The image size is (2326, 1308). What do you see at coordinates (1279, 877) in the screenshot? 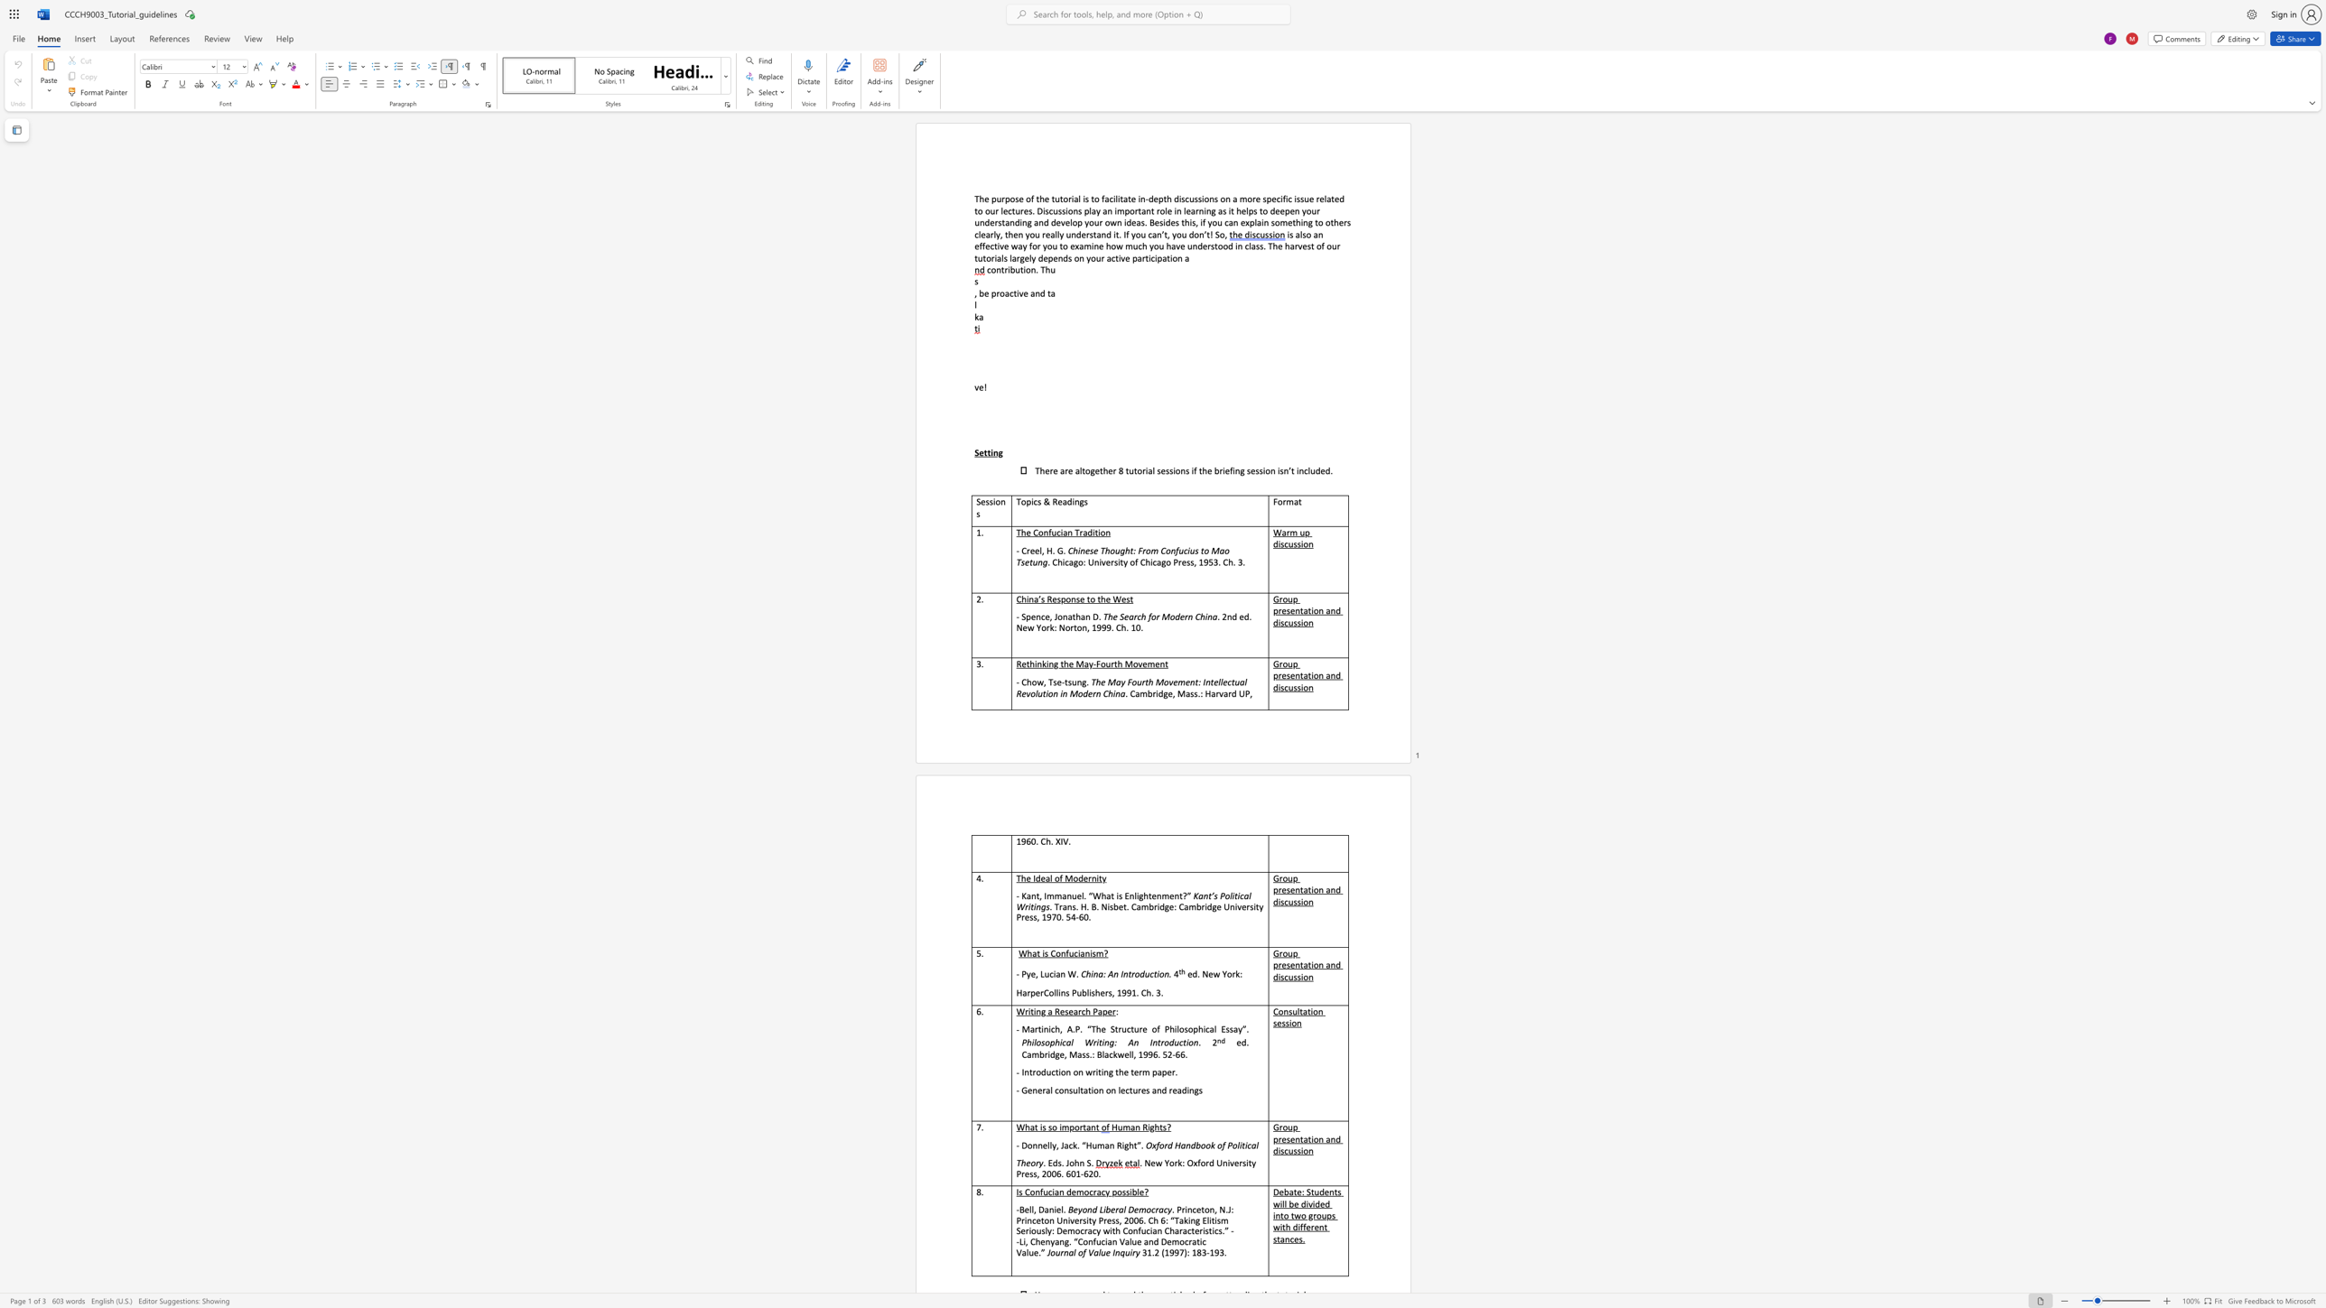
I see `the subset text "roup" within the text "Group presentation and discussion"` at bounding box center [1279, 877].